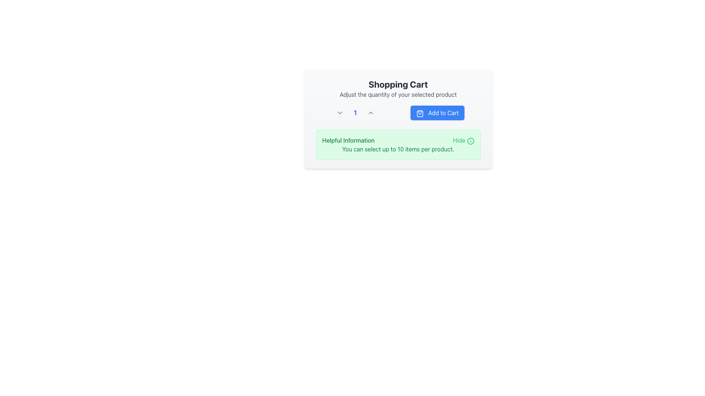 This screenshot has width=705, height=396. What do you see at coordinates (437, 113) in the screenshot?
I see `the 'Add to Cart' button, which is a rectangular button with rounded corners, blue background, white text, and a shopping bag icon, to change its background color indicating interactivity` at bounding box center [437, 113].